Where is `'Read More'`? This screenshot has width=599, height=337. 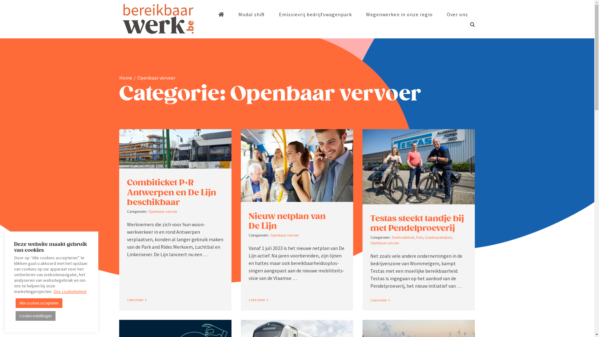 'Read More' is located at coordinates (135, 299).